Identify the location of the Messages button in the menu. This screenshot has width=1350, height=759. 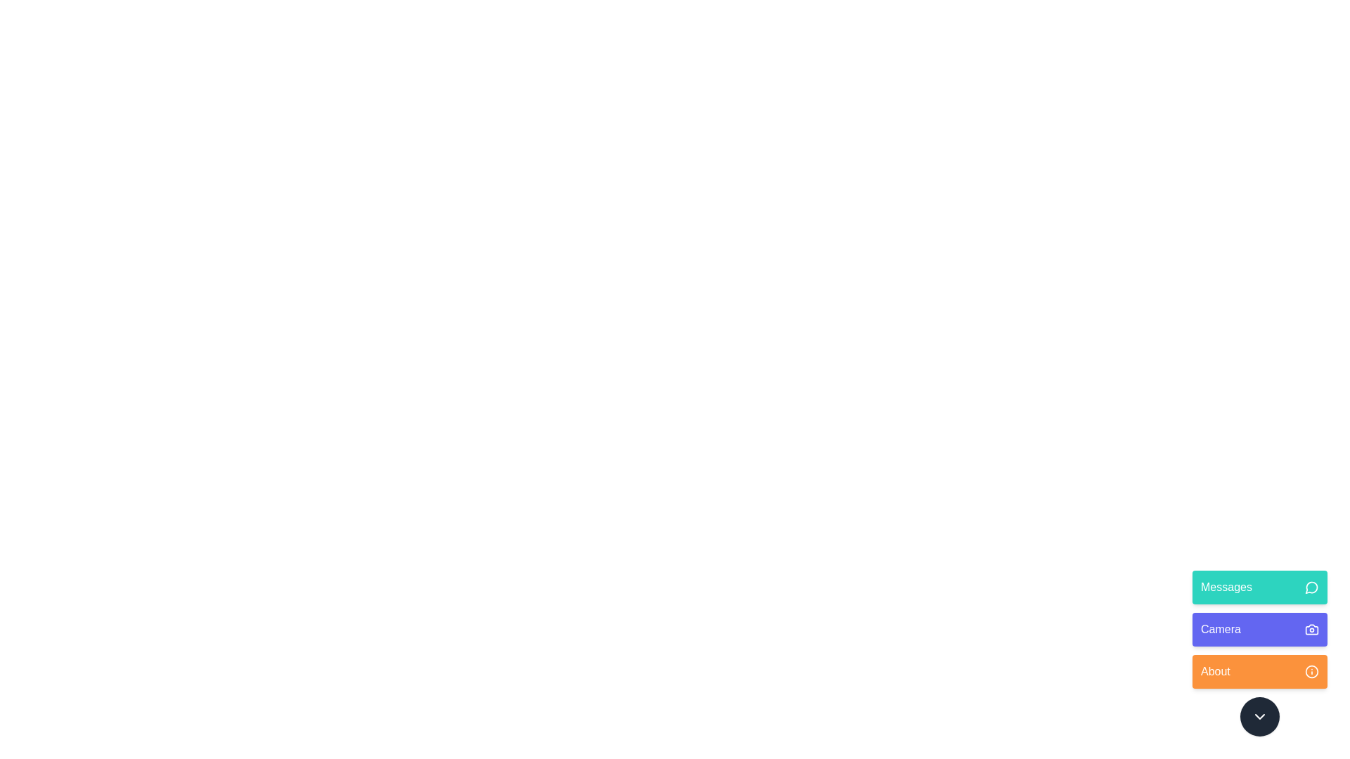
(1259, 588).